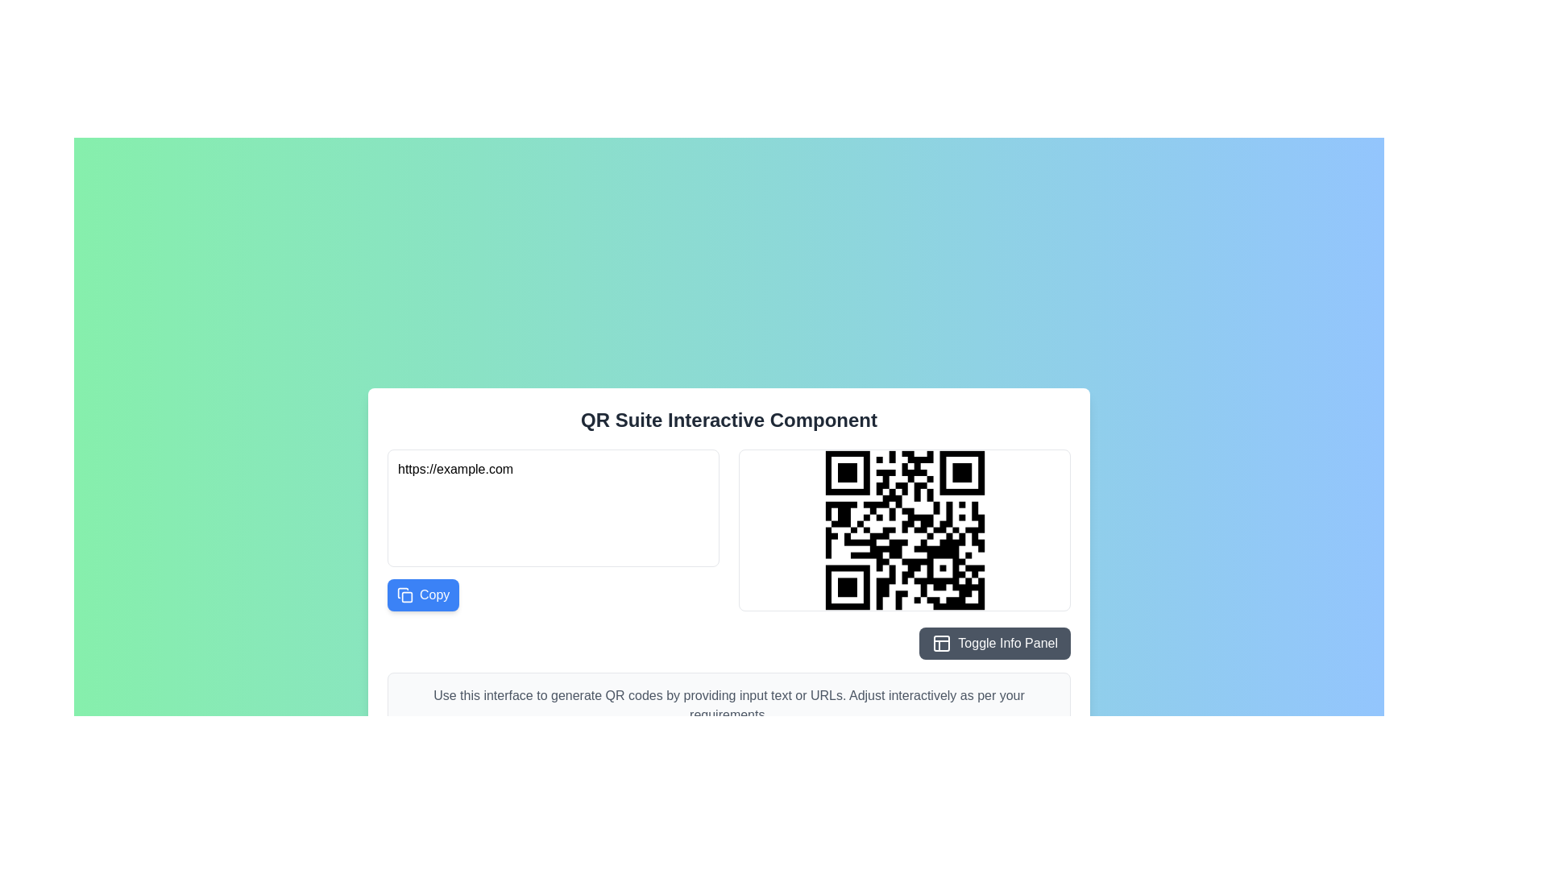 The width and height of the screenshot is (1547, 870). What do you see at coordinates (407, 596) in the screenshot?
I see `the graphical icon element that is part of the 'Copy' functionality, located below the text field labeled 'https://example.com' and adjacent to the blue button labeled 'Copy'` at bounding box center [407, 596].